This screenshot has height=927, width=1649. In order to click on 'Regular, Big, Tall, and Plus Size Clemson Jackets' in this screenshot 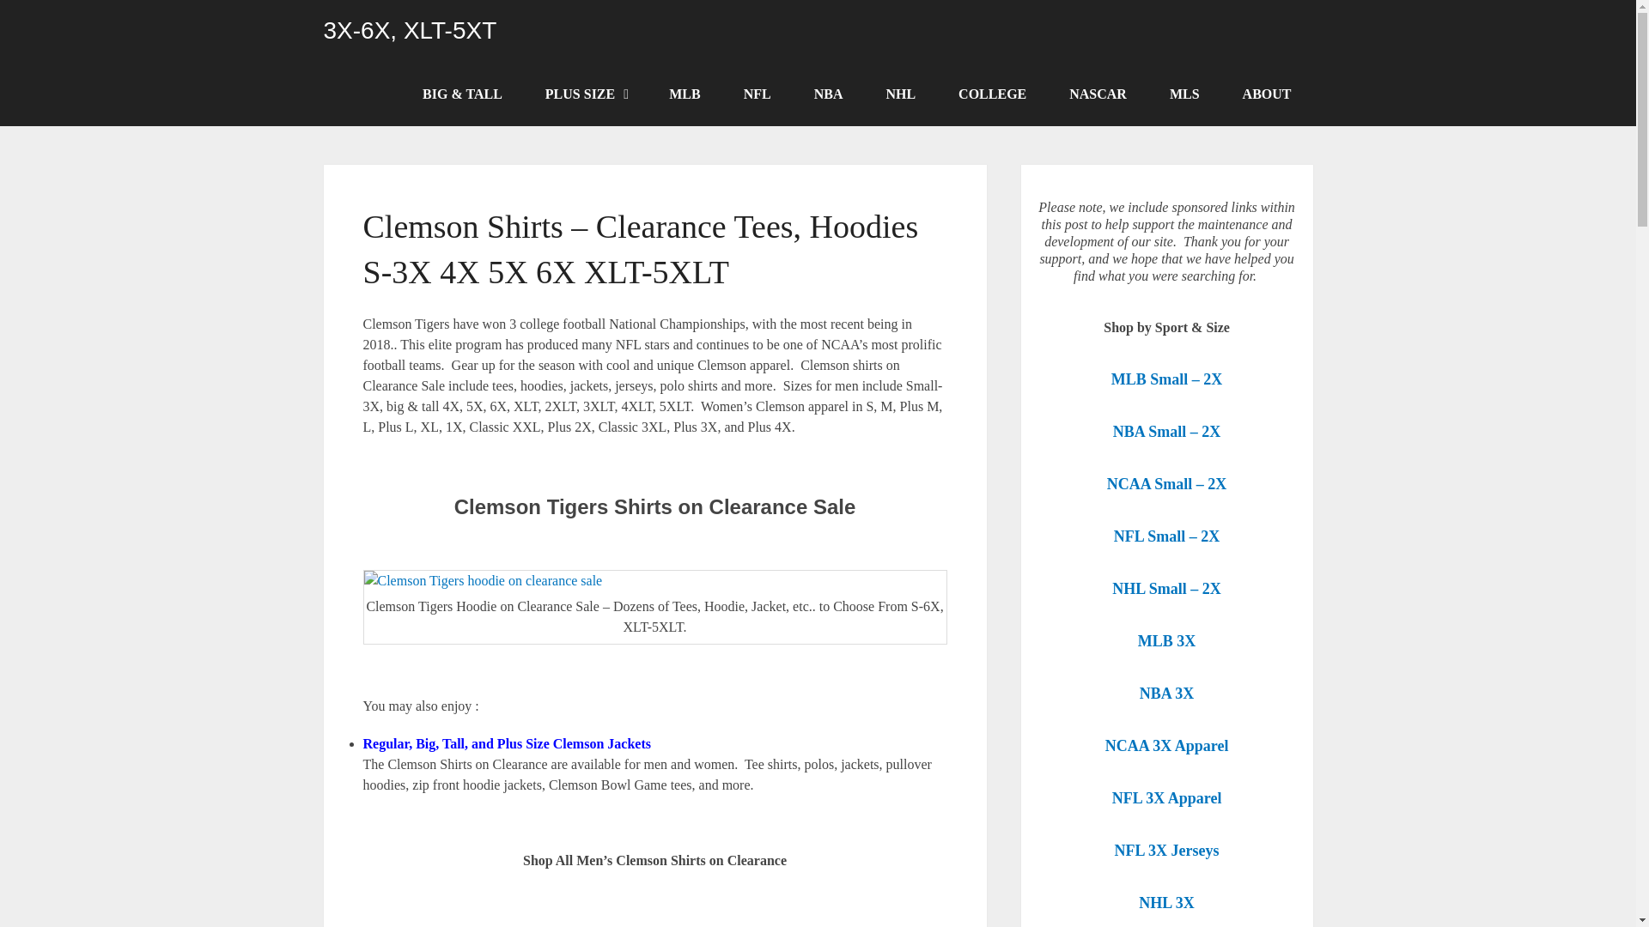, I will do `click(505, 742)`.